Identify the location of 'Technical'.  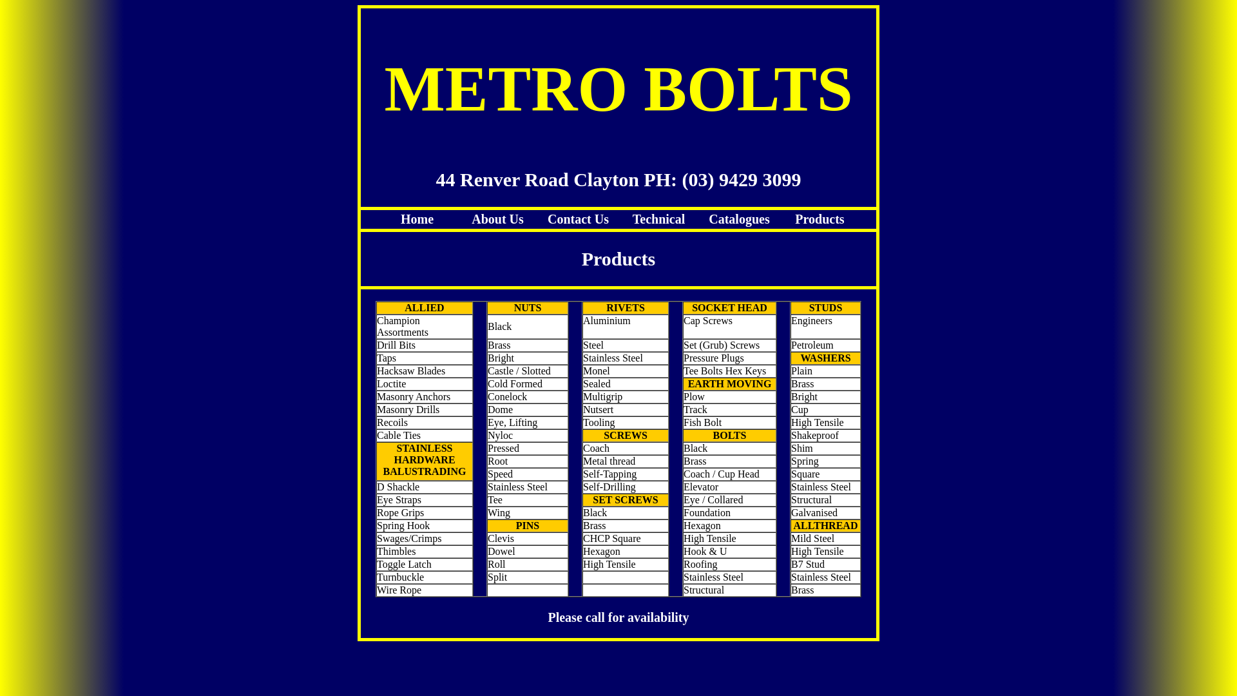
(658, 218).